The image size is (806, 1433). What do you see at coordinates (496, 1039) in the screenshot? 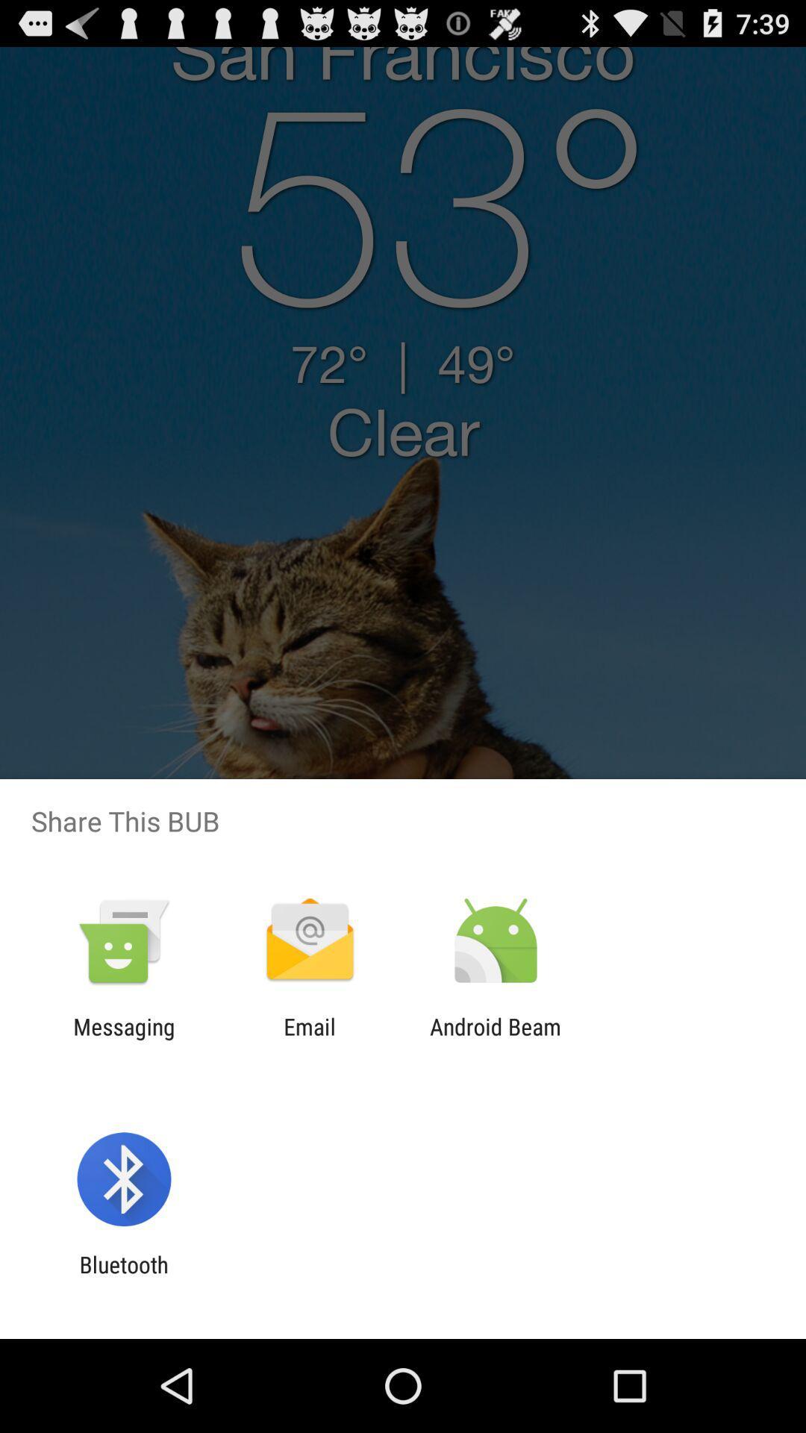
I see `android beam app` at bounding box center [496, 1039].